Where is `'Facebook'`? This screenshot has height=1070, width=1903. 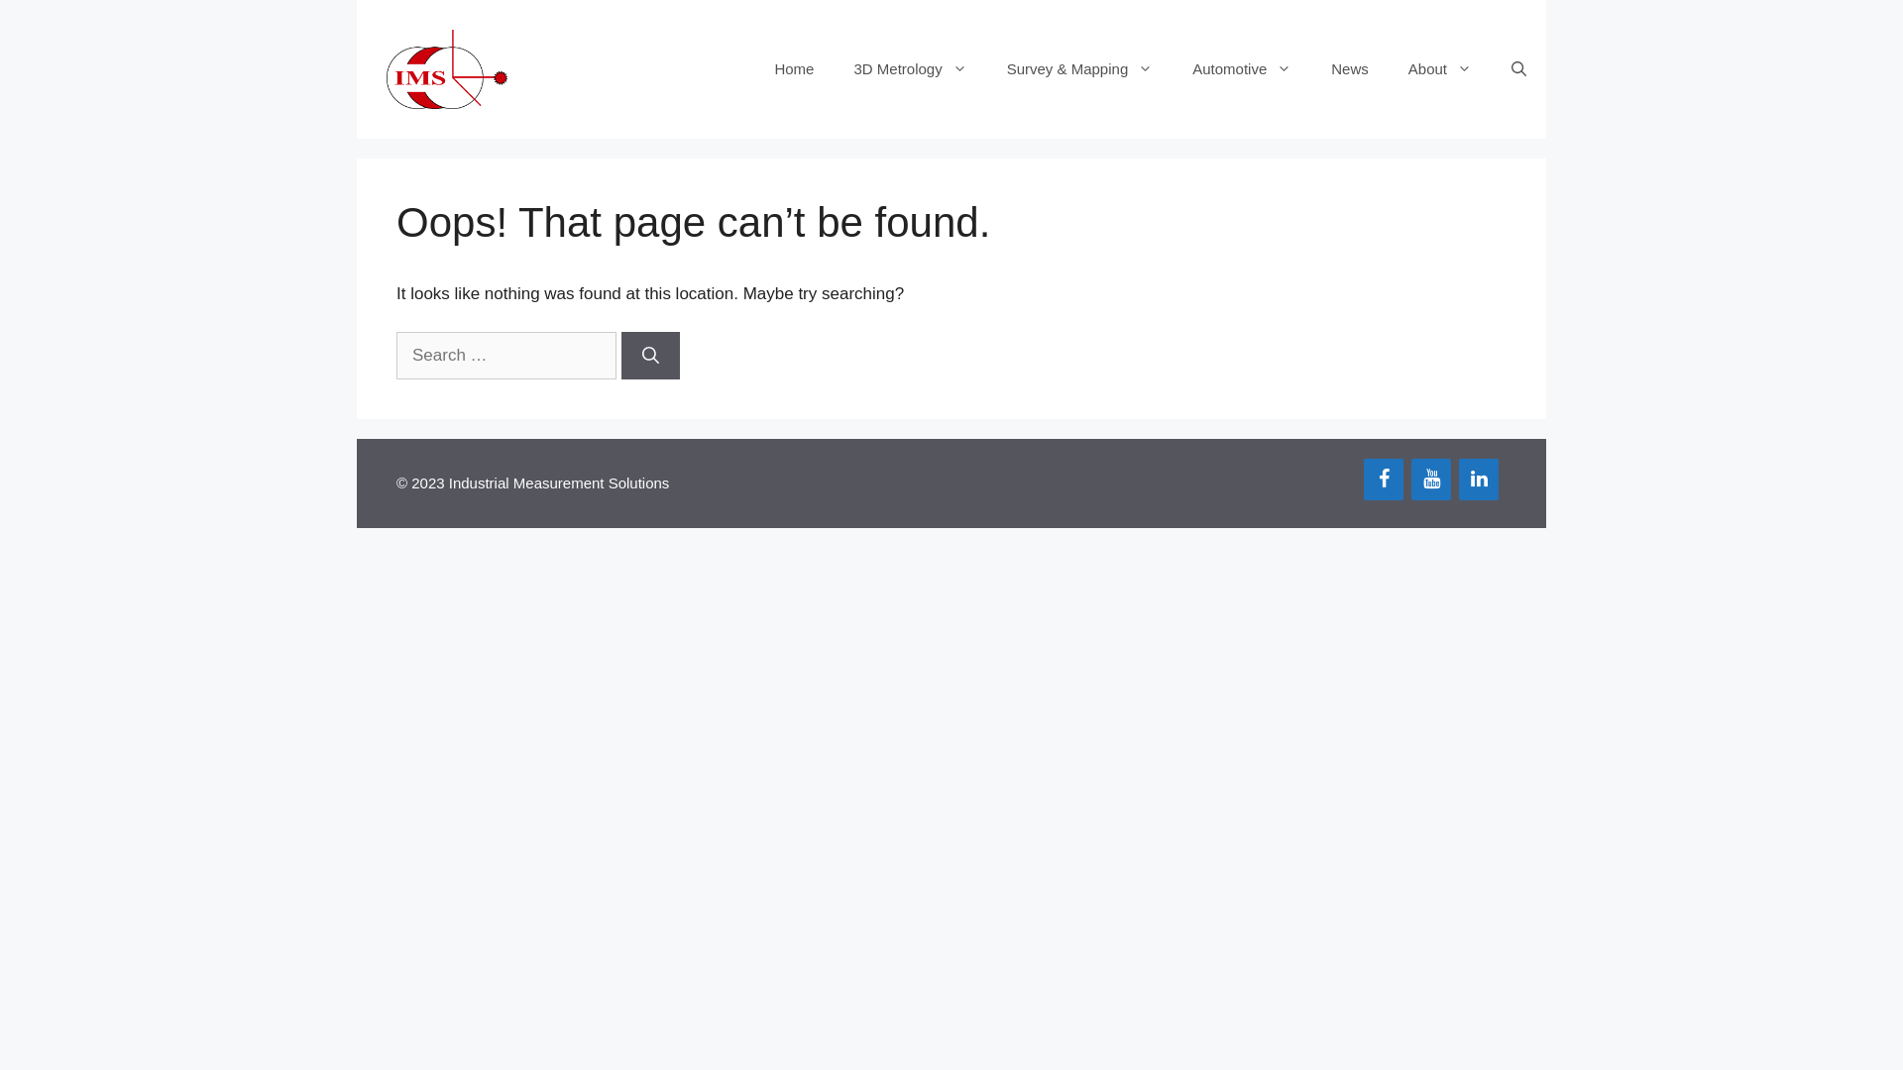 'Facebook' is located at coordinates (1383, 479).